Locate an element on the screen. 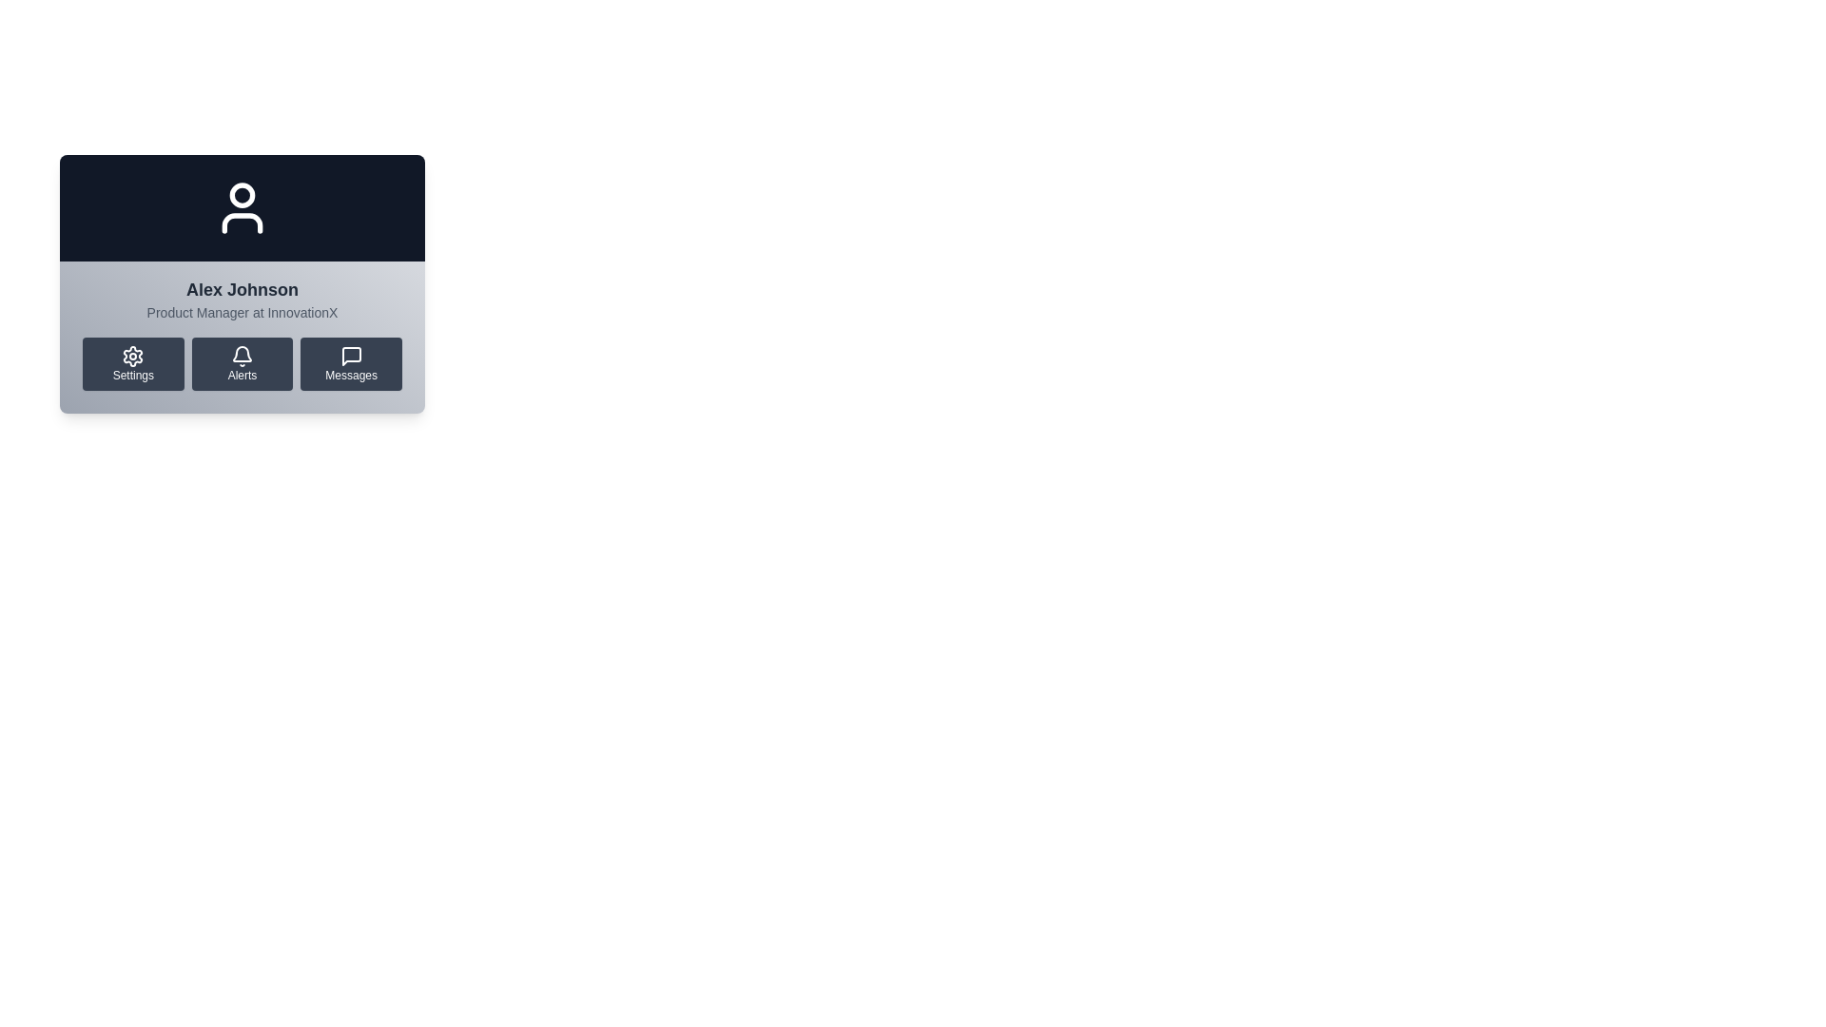 The width and height of the screenshot is (1826, 1027). text content displayed as 'Alex Johnson', which is prominently shown above the subtitle 'Product Manager at InnovationX' in the user interface is located at coordinates (241, 289).